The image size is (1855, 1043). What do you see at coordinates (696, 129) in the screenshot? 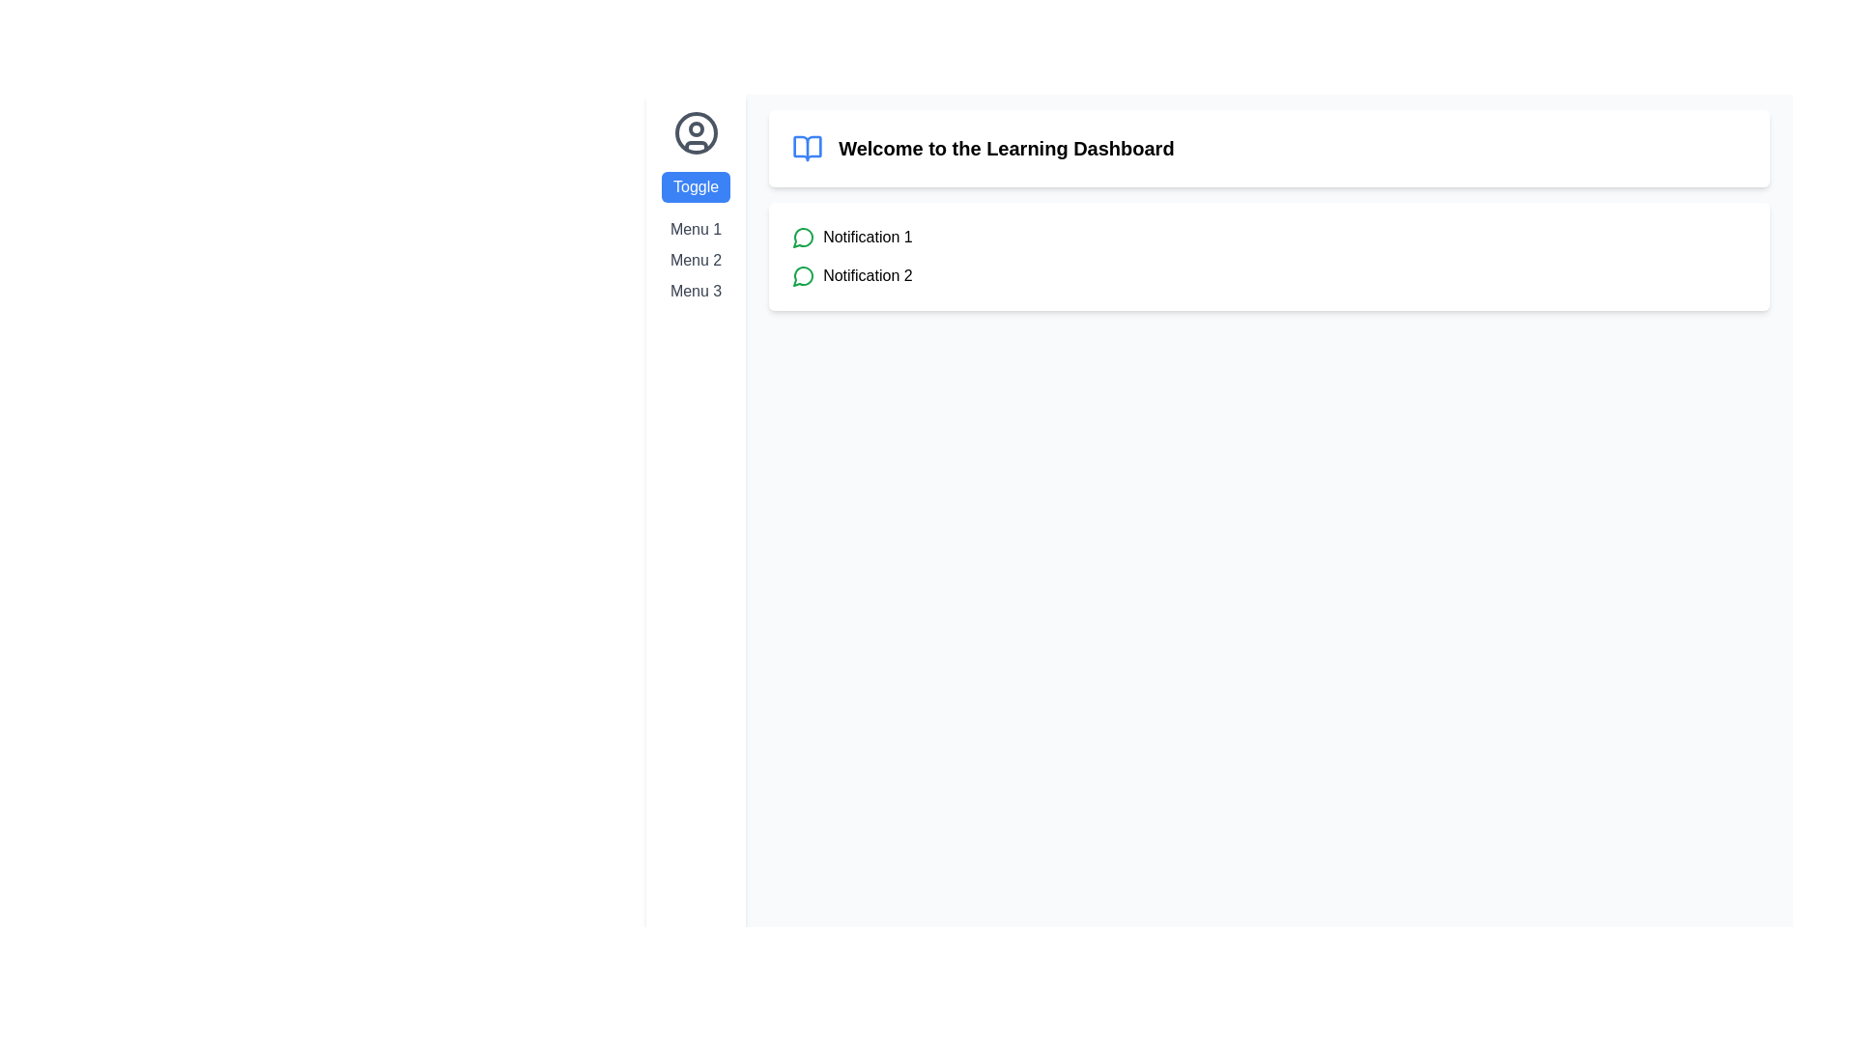
I see `the circular graphical shape that represents the user profile icon, located within the user avatar icon on the left sidebar of the interface` at bounding box center [696, 129].